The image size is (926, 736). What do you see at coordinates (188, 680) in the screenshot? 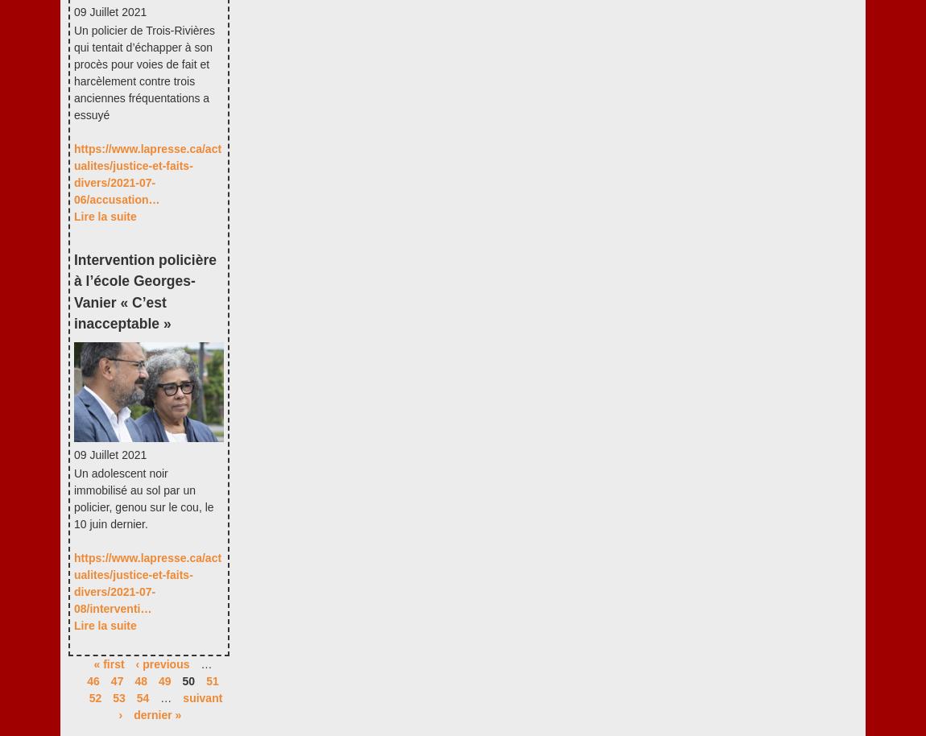
I see `'50'` at bounding box center [188, 680].